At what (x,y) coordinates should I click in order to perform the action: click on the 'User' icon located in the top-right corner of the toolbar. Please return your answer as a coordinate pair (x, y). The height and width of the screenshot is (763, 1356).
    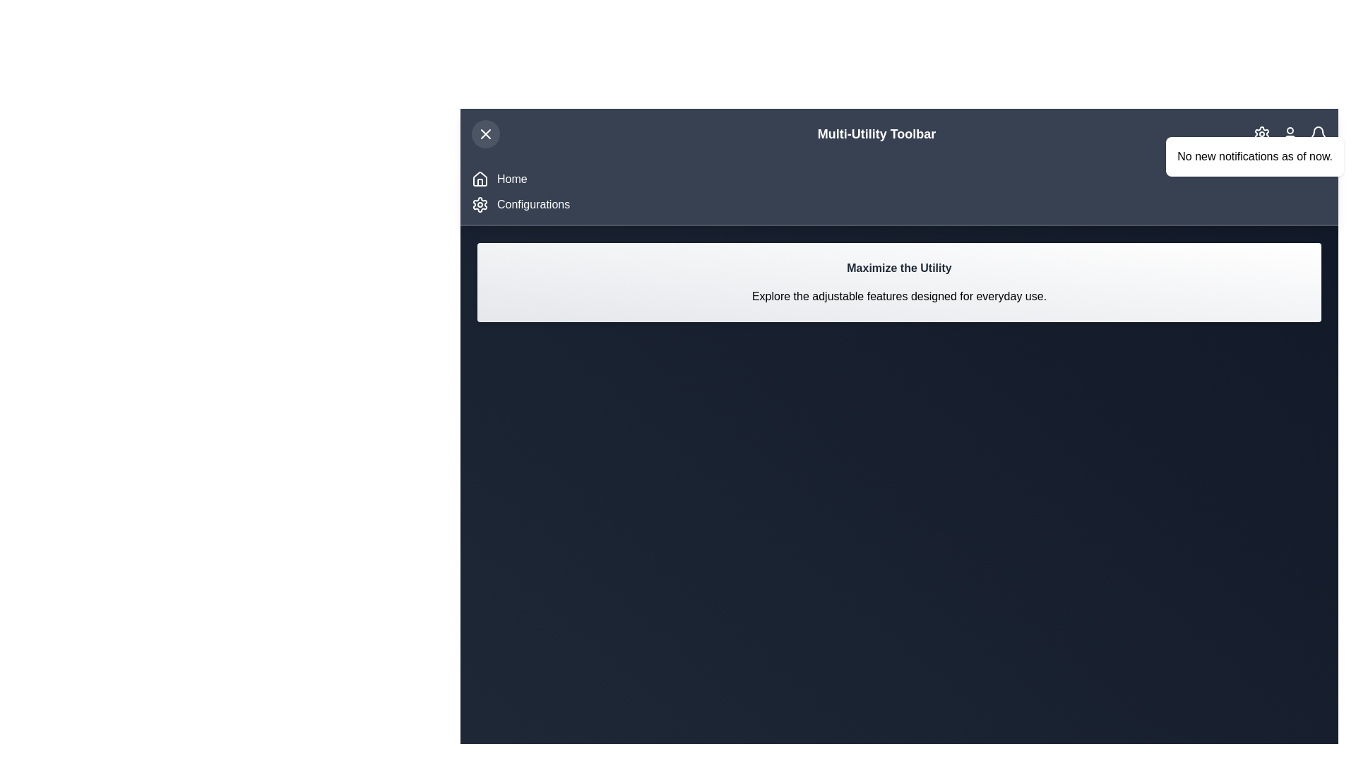
    Looking at the image, I should click on (1290, 134).